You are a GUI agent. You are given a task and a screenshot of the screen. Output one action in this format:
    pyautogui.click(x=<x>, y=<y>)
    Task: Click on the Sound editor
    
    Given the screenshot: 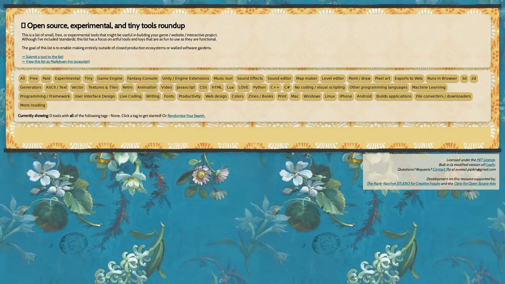 What is the action you would take?
    pyautogui.click(x=279, y=78)
    